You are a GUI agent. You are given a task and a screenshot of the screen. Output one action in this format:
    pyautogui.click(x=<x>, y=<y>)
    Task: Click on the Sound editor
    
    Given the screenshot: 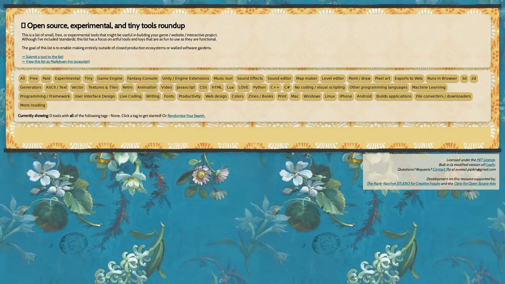 What is the action you would take?
    pyautogui.click(x=279, y=78)
    